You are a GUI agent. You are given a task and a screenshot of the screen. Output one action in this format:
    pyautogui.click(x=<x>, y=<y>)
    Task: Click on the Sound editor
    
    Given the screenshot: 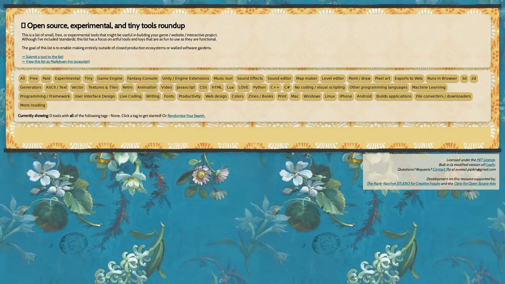 What is the action you would take?
    pyautogui.click(x=279, y=78)
    